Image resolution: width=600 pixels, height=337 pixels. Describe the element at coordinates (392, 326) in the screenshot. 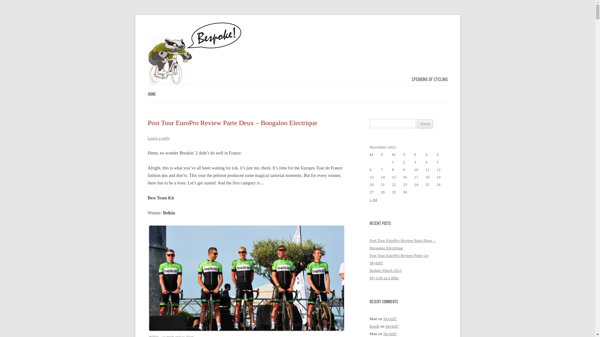

I see `'Skyfall?'` at that location.